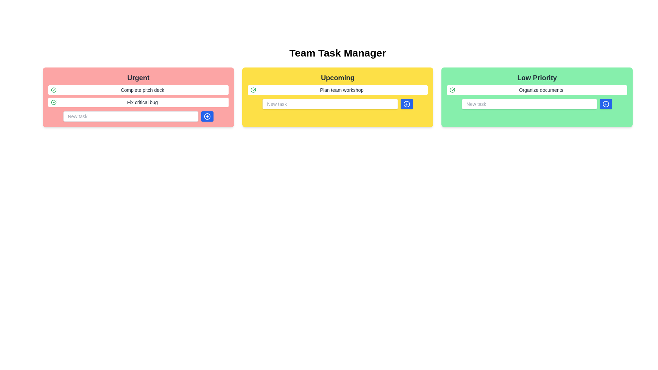 This screenshot has height=370, width=658. I want to click on the status indicator icon that indicates the completion of the 'Plan team workshop' task located to the left of the corresponding text in the 'Upcoming' column, so click(253, 89).